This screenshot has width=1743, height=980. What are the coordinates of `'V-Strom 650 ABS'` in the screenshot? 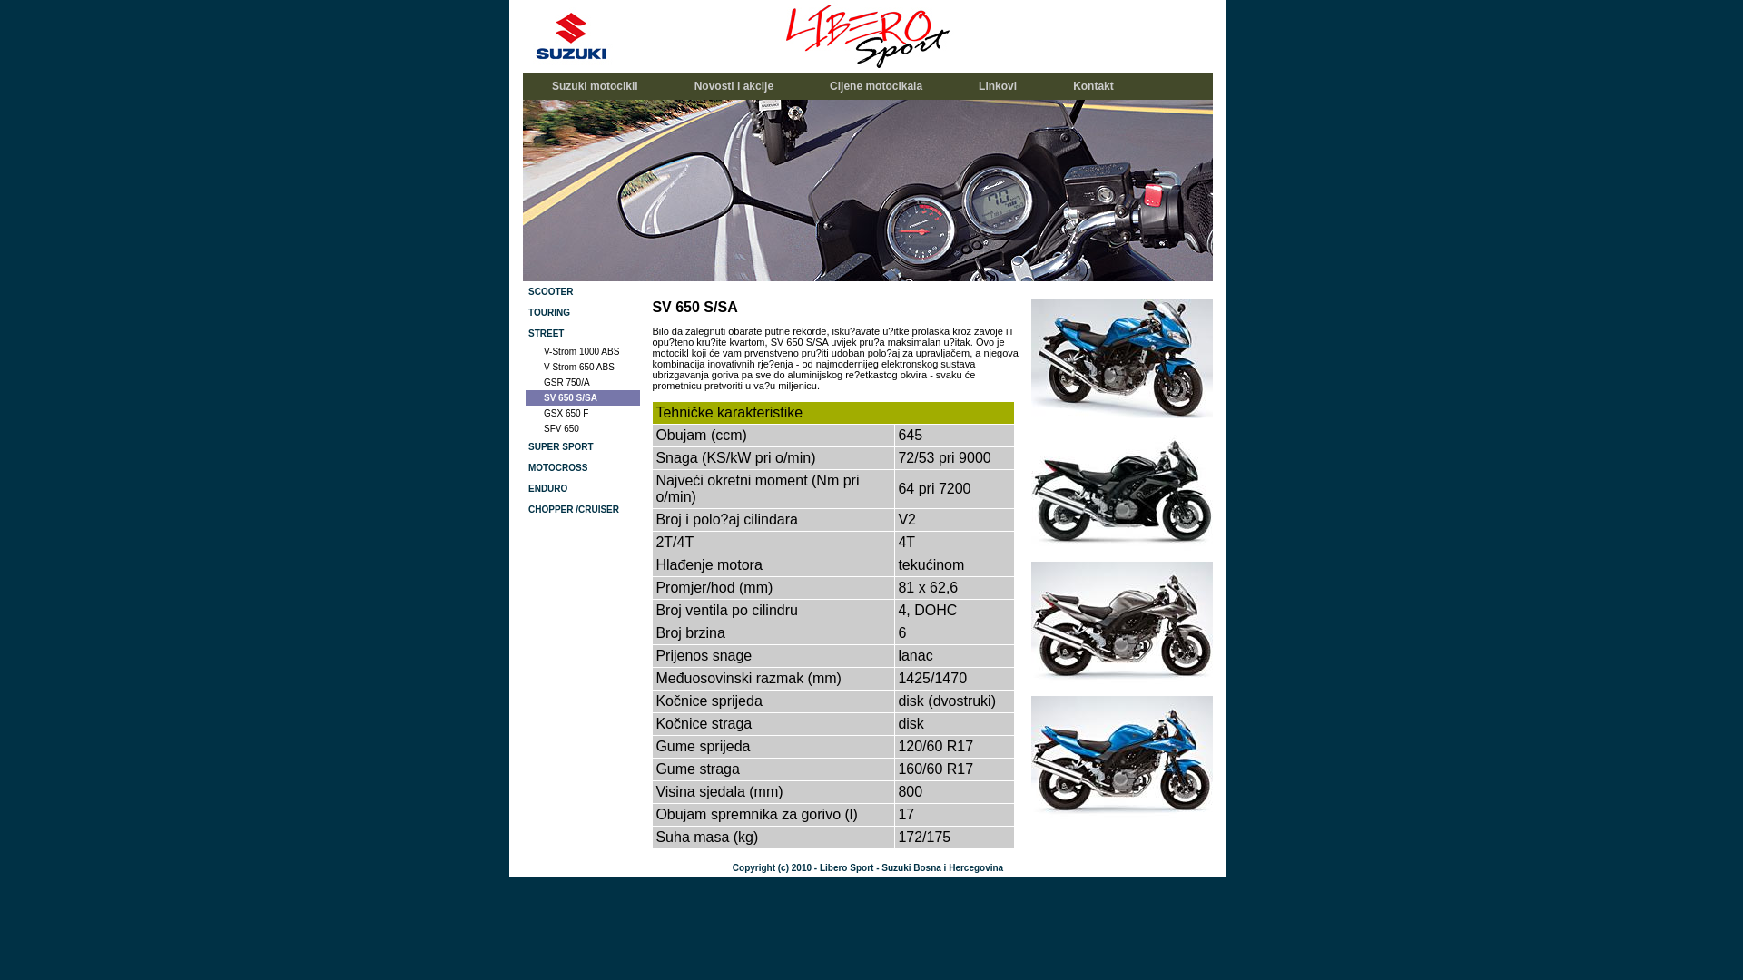 It's located at (583, 367).